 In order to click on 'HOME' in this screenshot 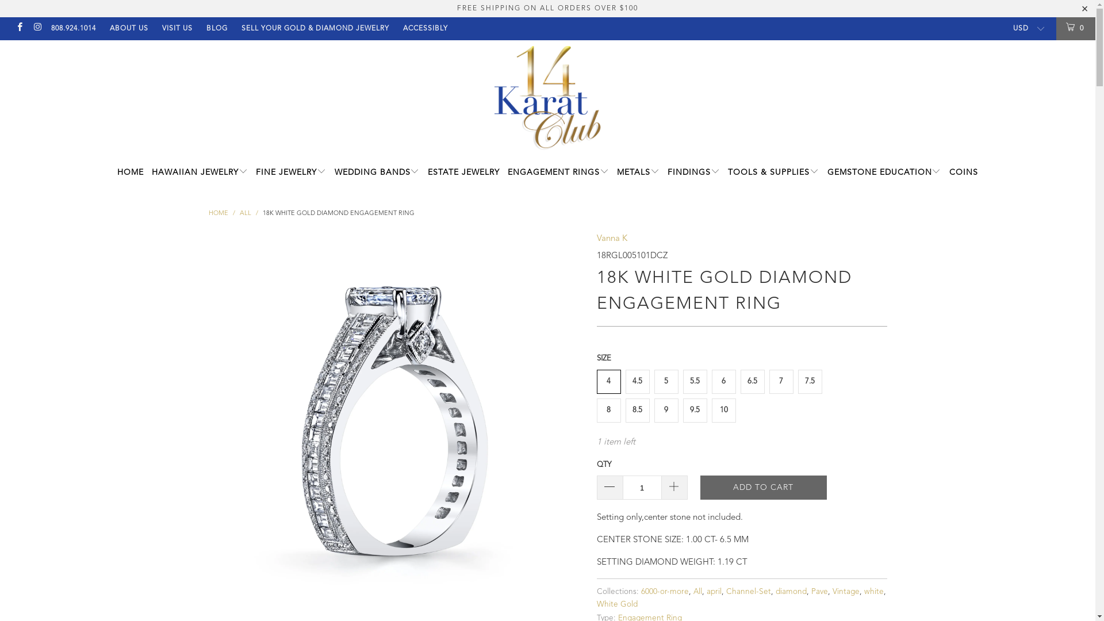, I will do `click(130, 172)`.